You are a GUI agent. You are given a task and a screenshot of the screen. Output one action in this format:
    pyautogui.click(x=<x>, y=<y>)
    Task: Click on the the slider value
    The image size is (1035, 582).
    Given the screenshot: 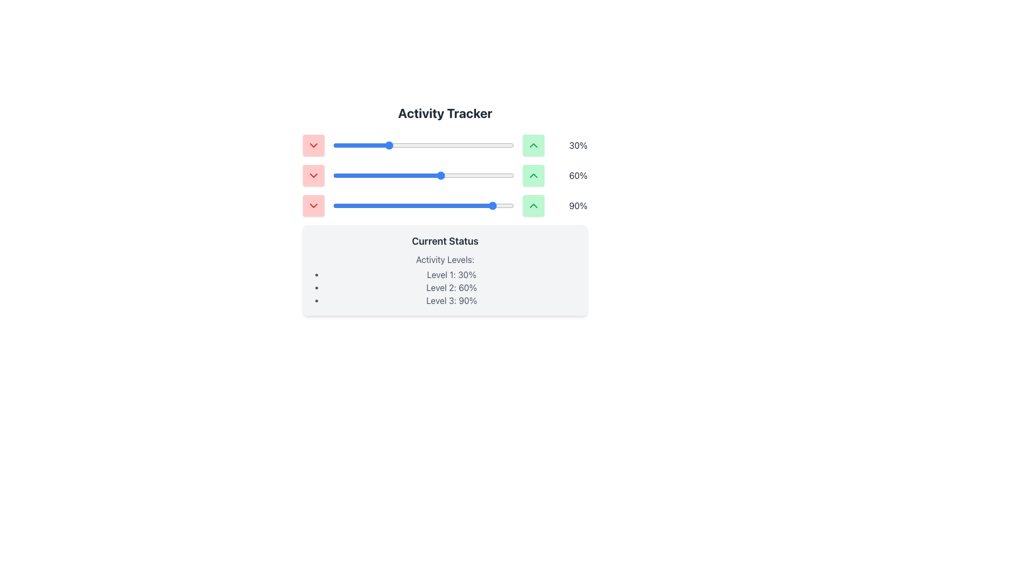 What is the action you would take?
    pyautogui.click(x=505, y=175)
    